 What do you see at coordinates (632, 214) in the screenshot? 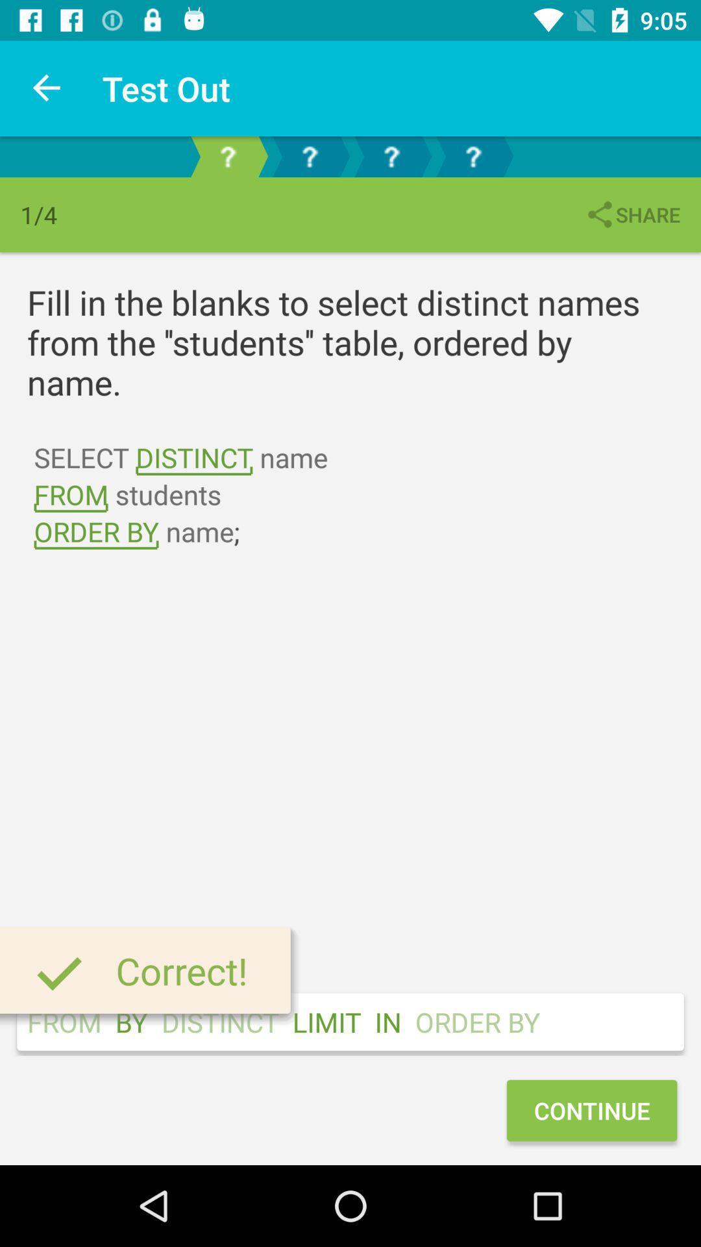
I see `share` at bounding box center [632, 214].